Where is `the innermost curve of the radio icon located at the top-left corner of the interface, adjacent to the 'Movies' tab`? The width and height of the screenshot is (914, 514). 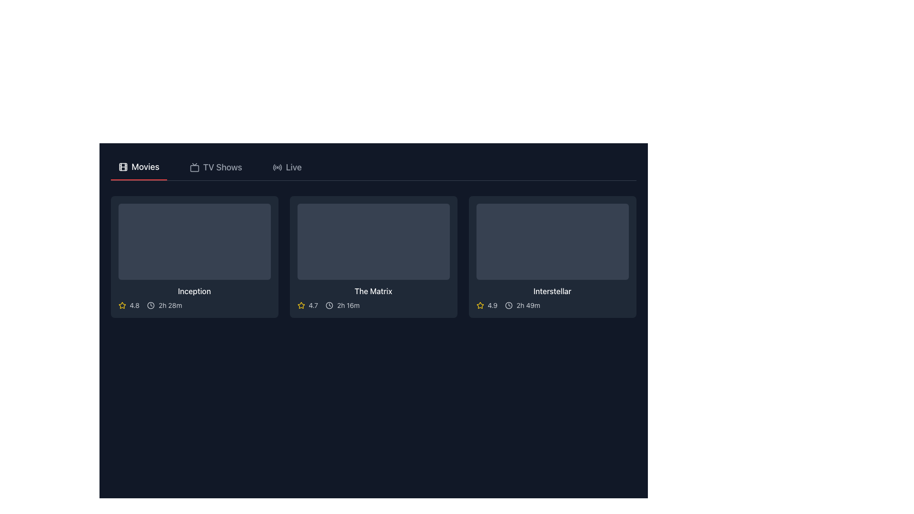
the innermost curve of the radio icon located at the top-left corner of the interface, adjacent to the 'Movies' tab is located at coordinates (273, 167).